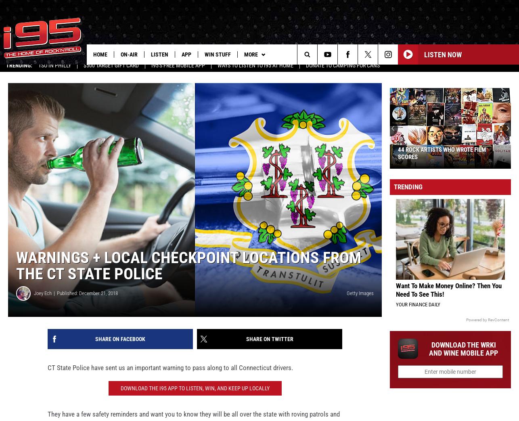  Describe the element at coordinates (186, 54) in the screenshot. I see `'App'` at that location.